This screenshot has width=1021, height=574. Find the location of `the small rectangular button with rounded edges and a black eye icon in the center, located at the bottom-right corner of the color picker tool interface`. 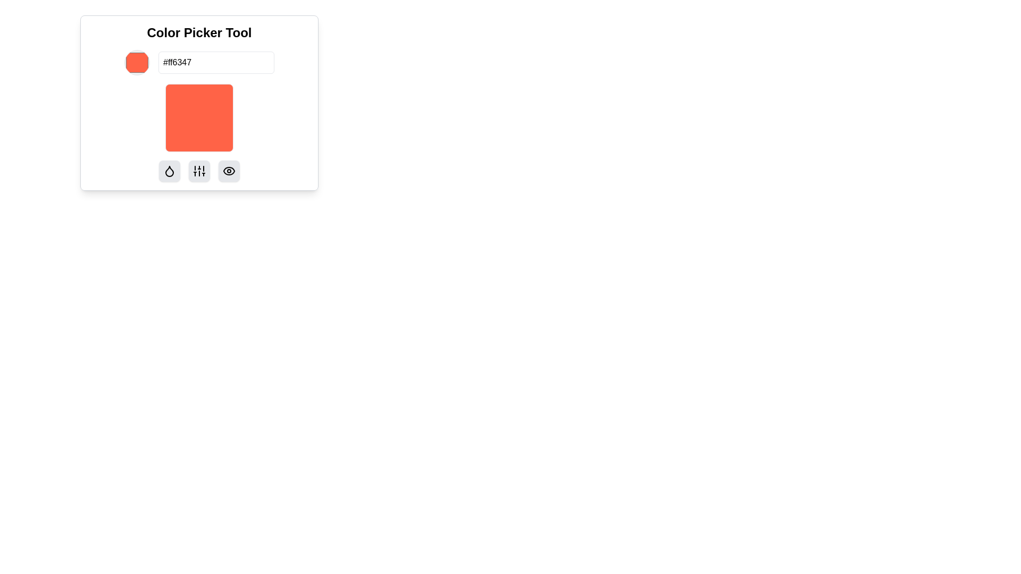

the small rectangular button with rounded edges and a black eye icon in the center, located at the bottom-right corner of the color picker tool interface is located at coordinates (229, 170).